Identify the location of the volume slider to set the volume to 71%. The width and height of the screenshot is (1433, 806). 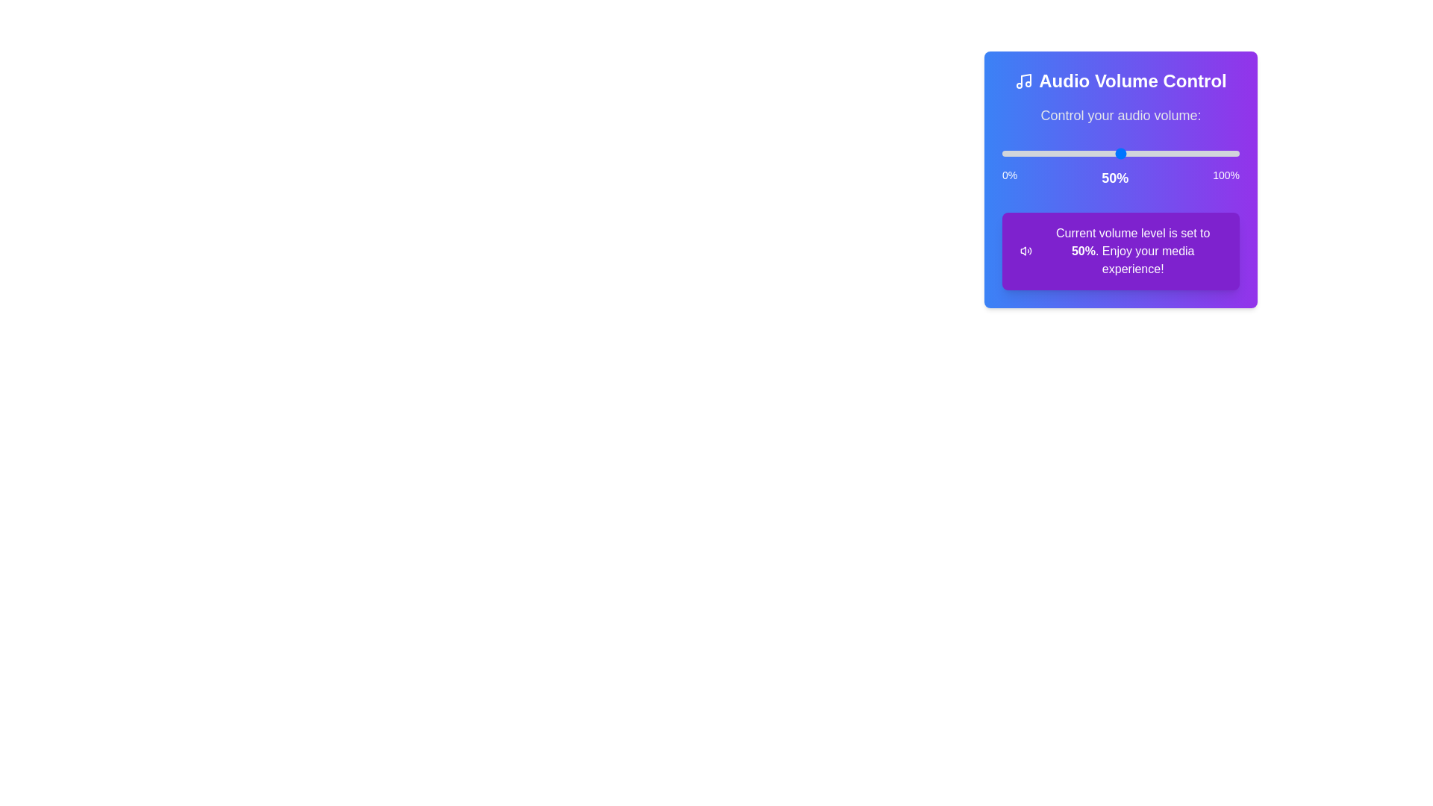
(1170, 153).